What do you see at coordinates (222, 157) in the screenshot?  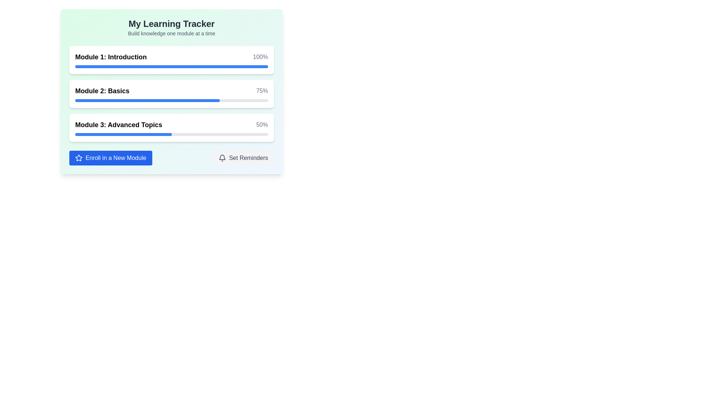 I see `the arc segment of the bell icon, which is part of its outlined shape and located at the bottom-left of the UI` at bounding box center [222, 157].